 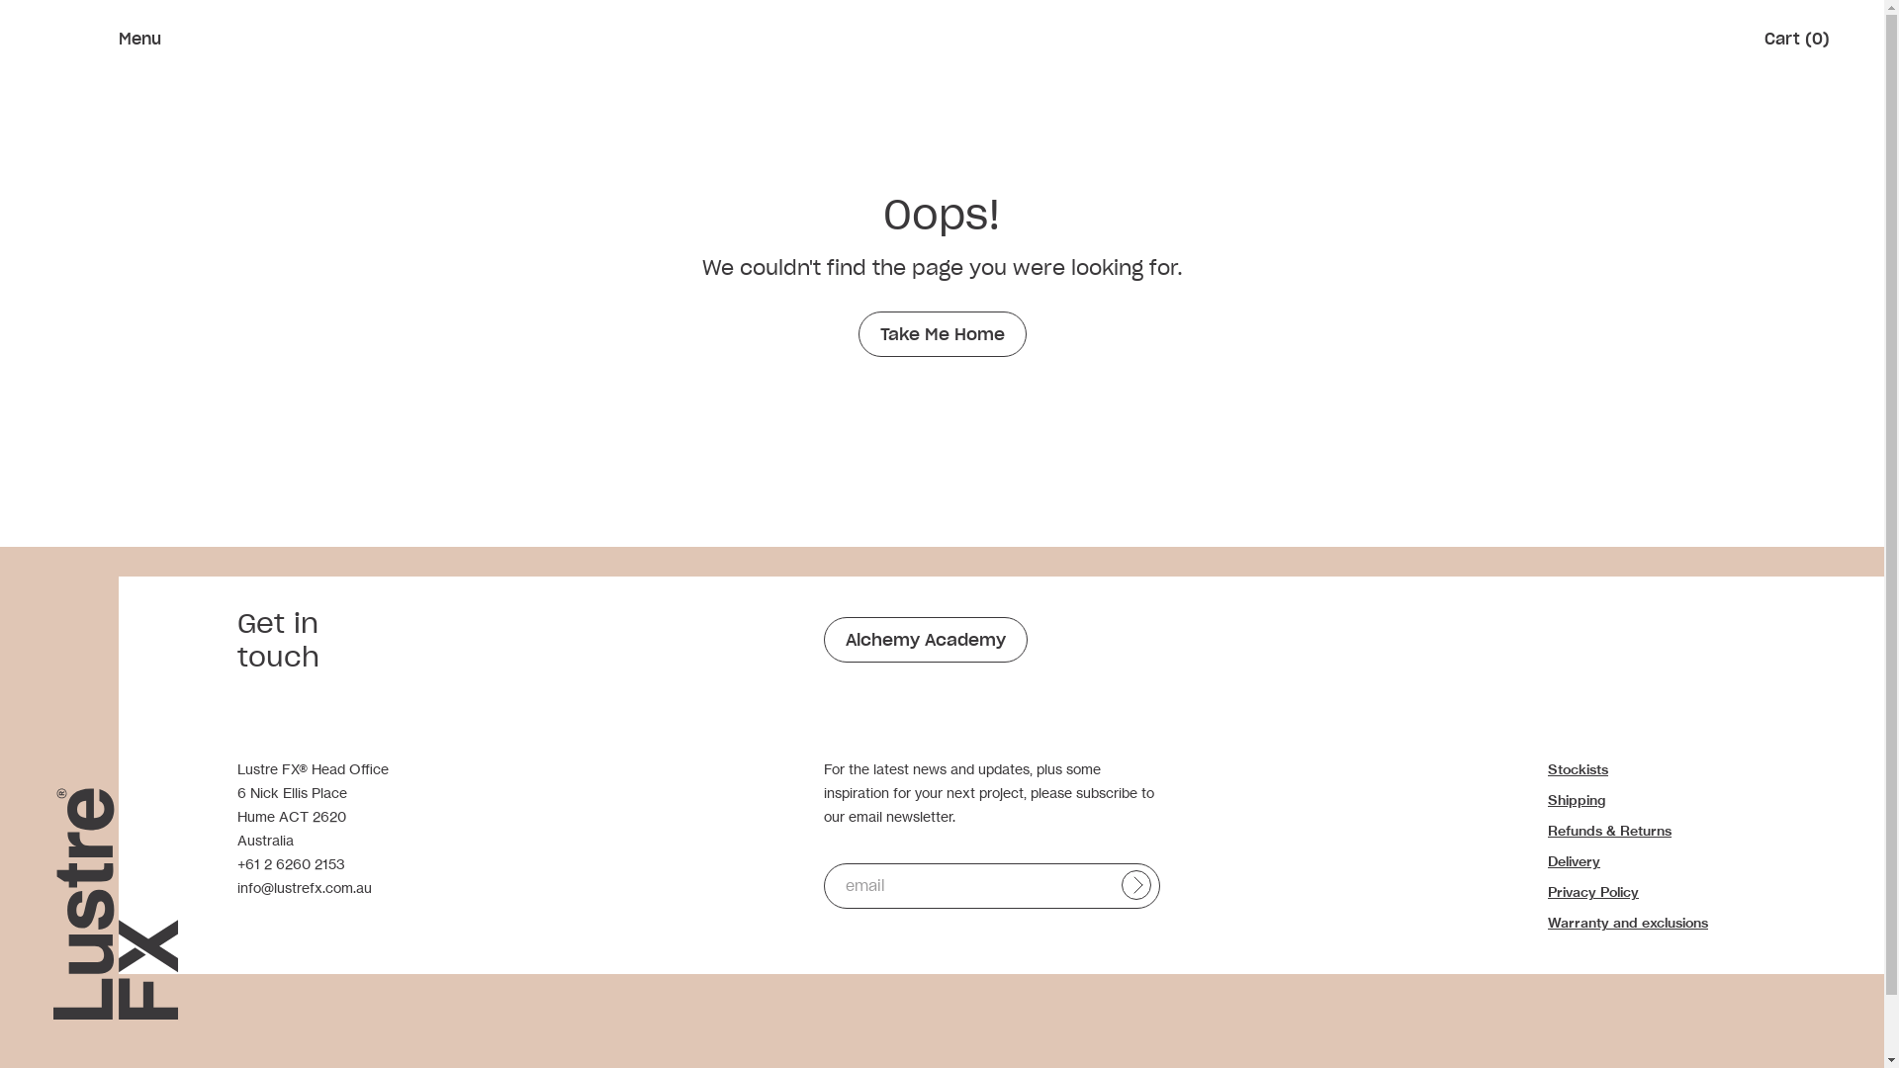 What do you see at coordinates (859, 333) in the screenshot?
I see `'Take Me Home'` at bounding box center [859, 333].